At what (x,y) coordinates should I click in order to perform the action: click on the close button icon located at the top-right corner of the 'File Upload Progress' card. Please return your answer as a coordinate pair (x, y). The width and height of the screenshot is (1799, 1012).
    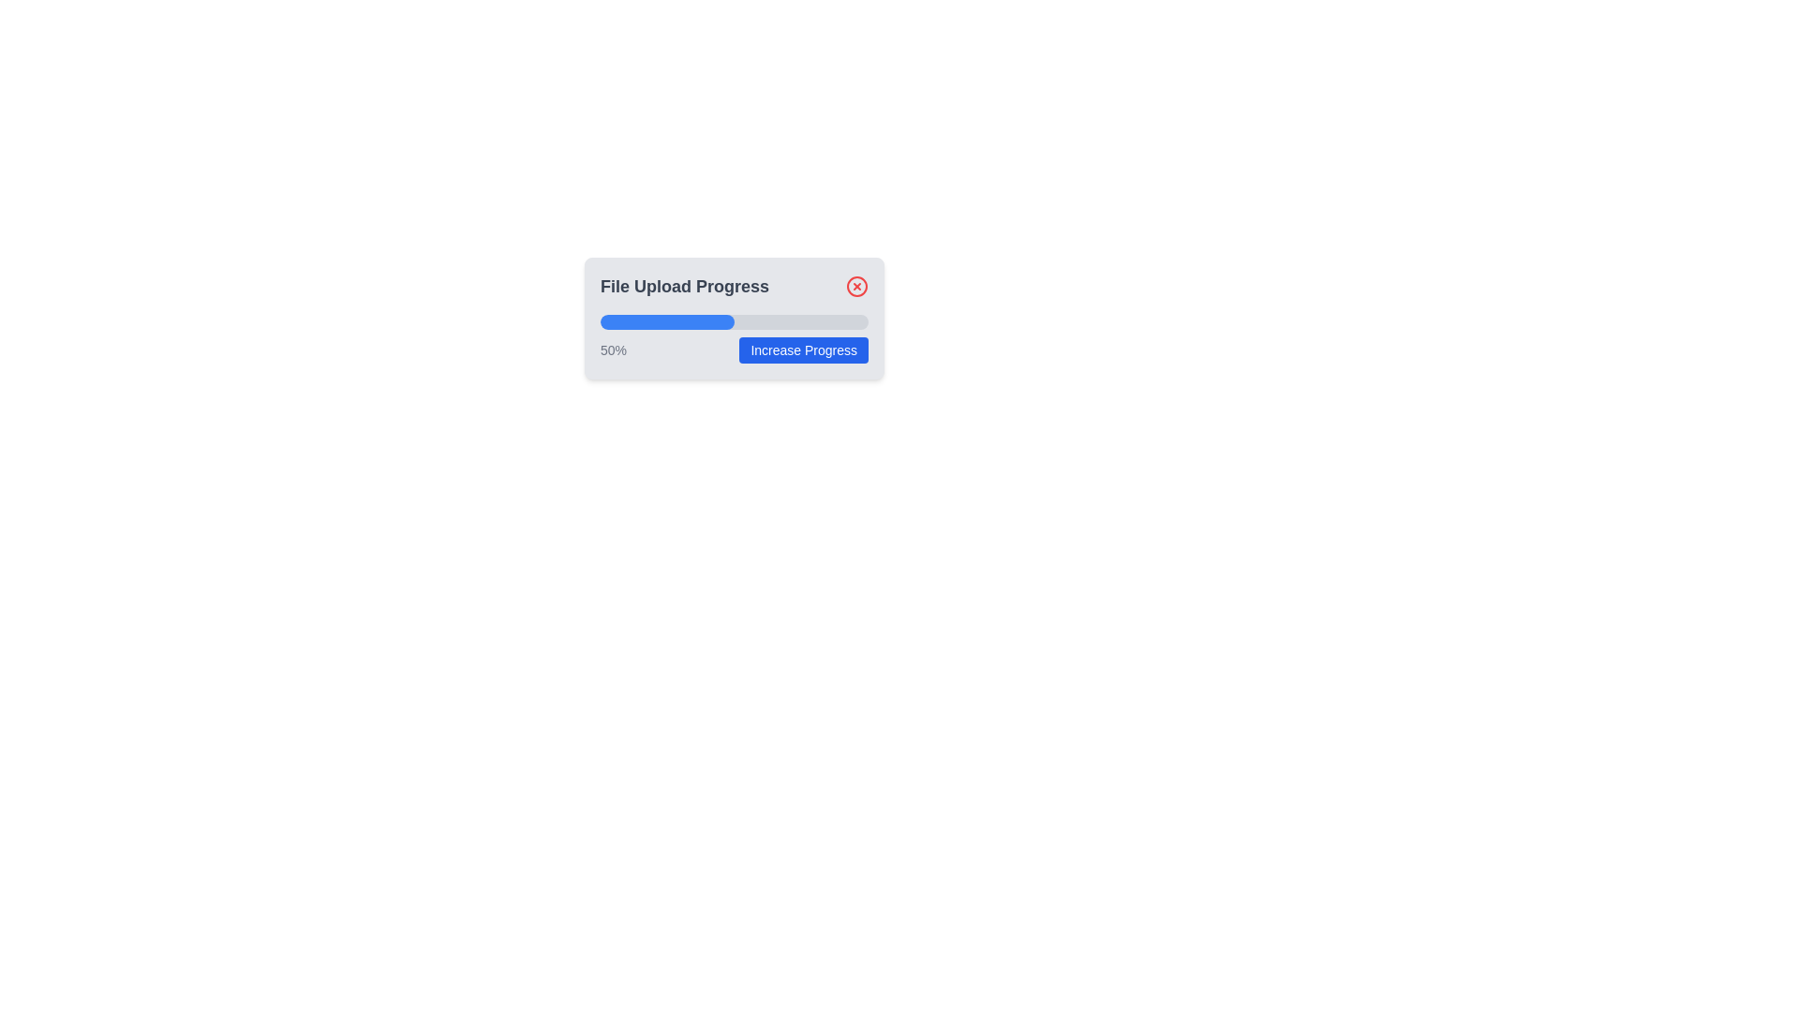
    Looking at the image, I should click on (856, 286).